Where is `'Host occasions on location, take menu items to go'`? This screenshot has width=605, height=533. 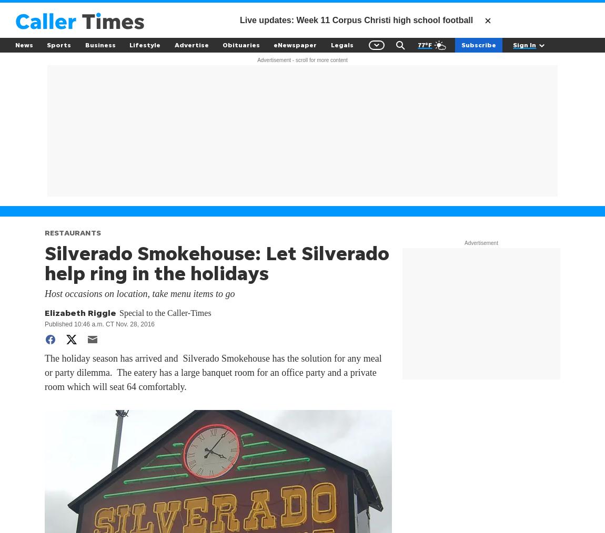 'Host occasions on location, take menu items to go' is located at coordinates (139, 293).